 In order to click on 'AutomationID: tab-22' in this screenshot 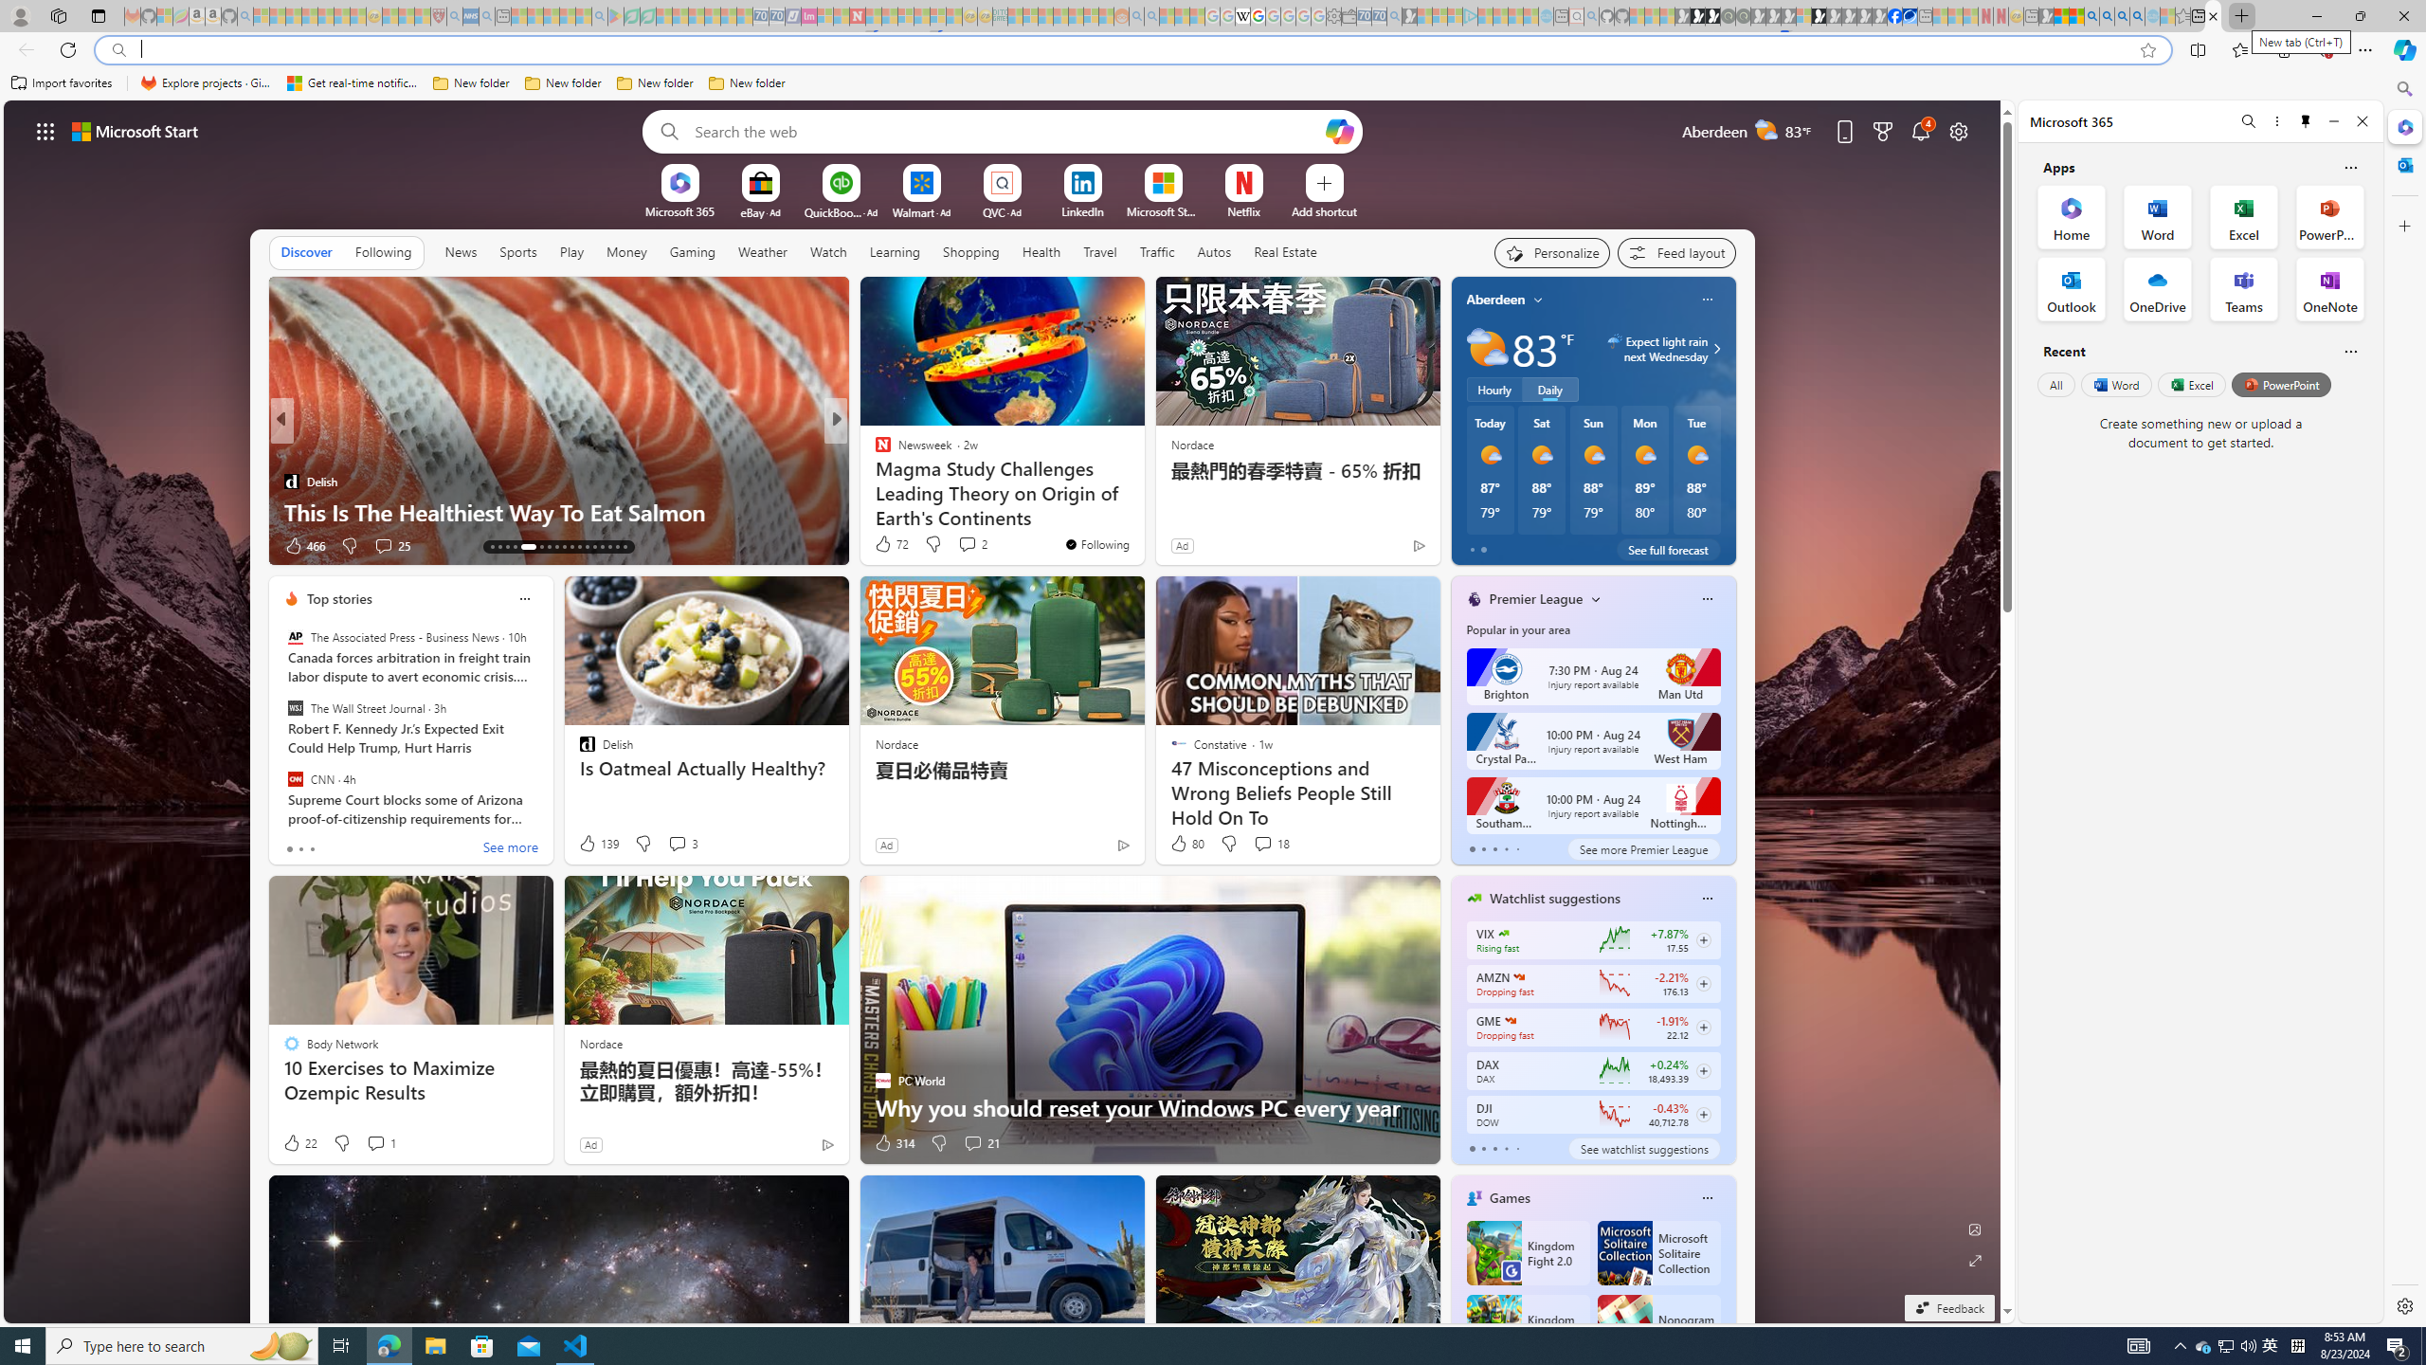, I will do `click(571, 547)`.